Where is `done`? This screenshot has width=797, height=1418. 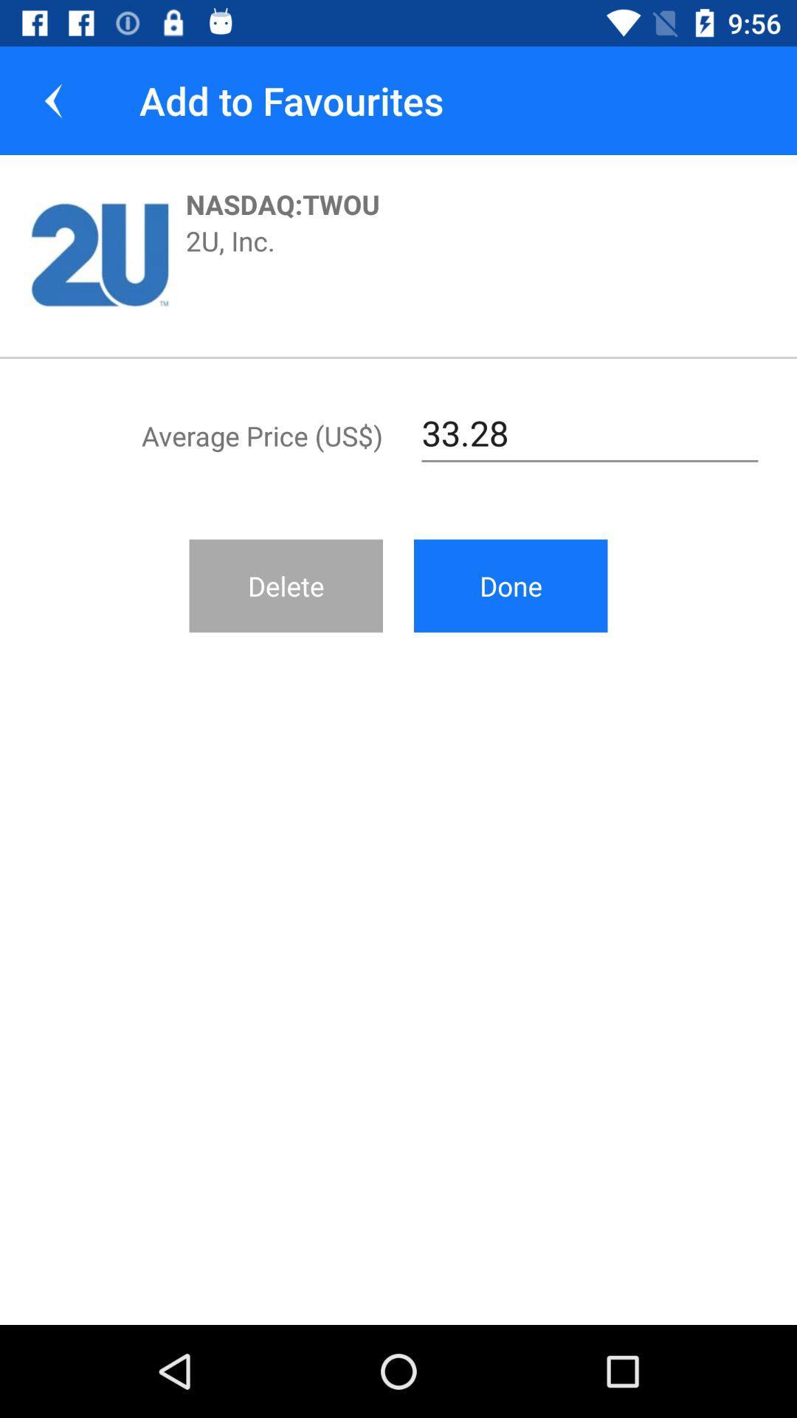 done is located at coordinates (510, 585).